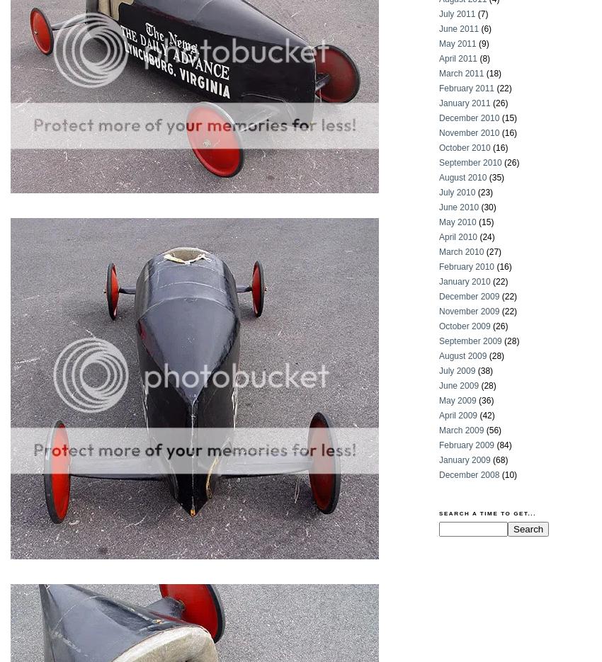 The height and width of the screenshot is (662, 602). Describe the element at coordinates (467, 444) in the screenshot. I see `'February 2009'` at that location.